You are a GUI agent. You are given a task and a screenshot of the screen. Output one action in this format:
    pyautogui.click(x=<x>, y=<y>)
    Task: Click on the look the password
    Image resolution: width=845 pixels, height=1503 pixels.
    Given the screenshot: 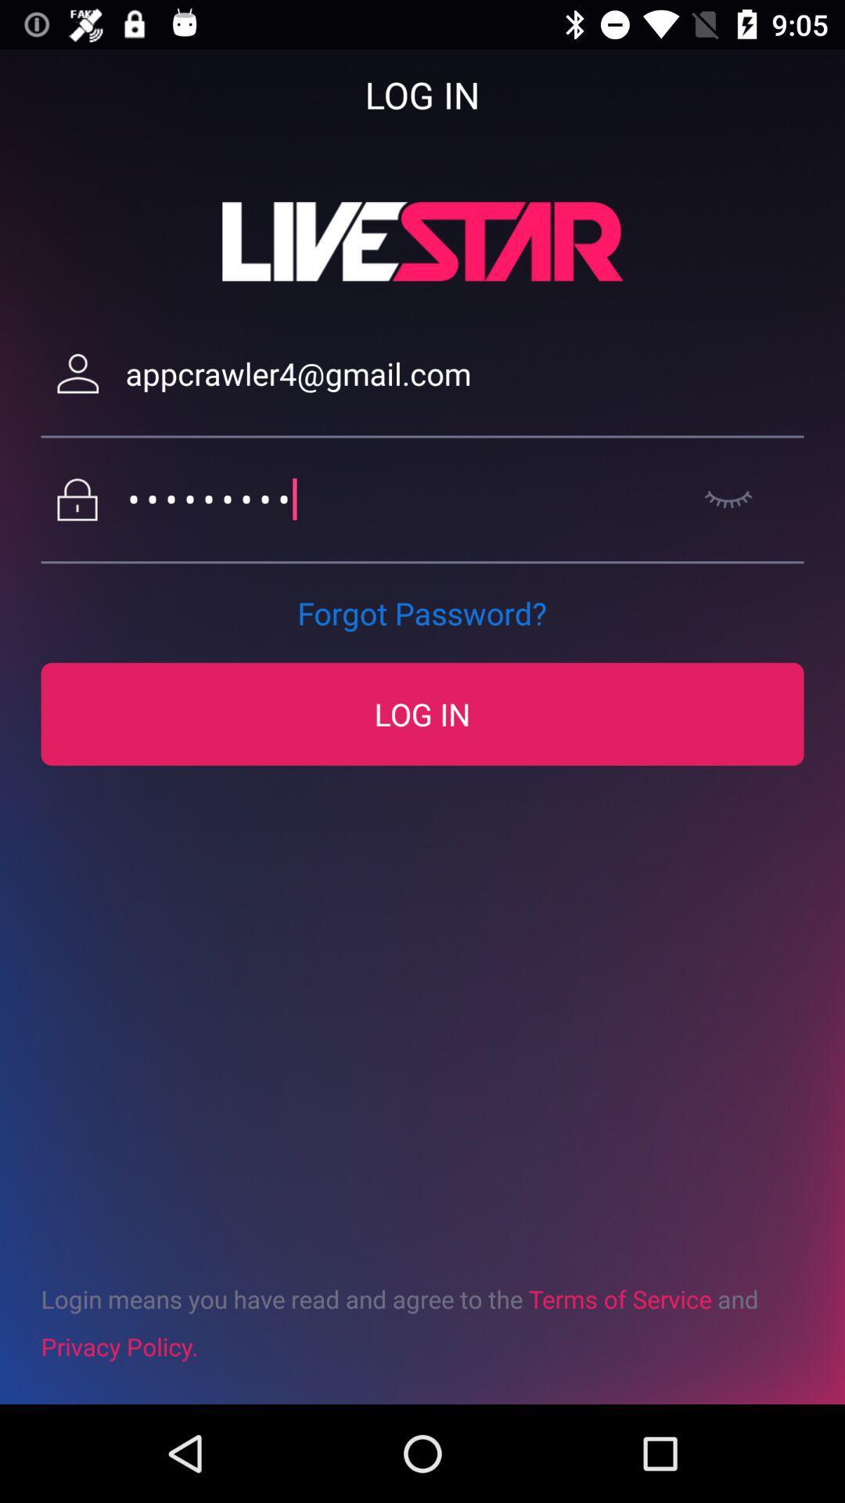 What is the action you would take?
    pyautogui.click(x=728, y=499)
    